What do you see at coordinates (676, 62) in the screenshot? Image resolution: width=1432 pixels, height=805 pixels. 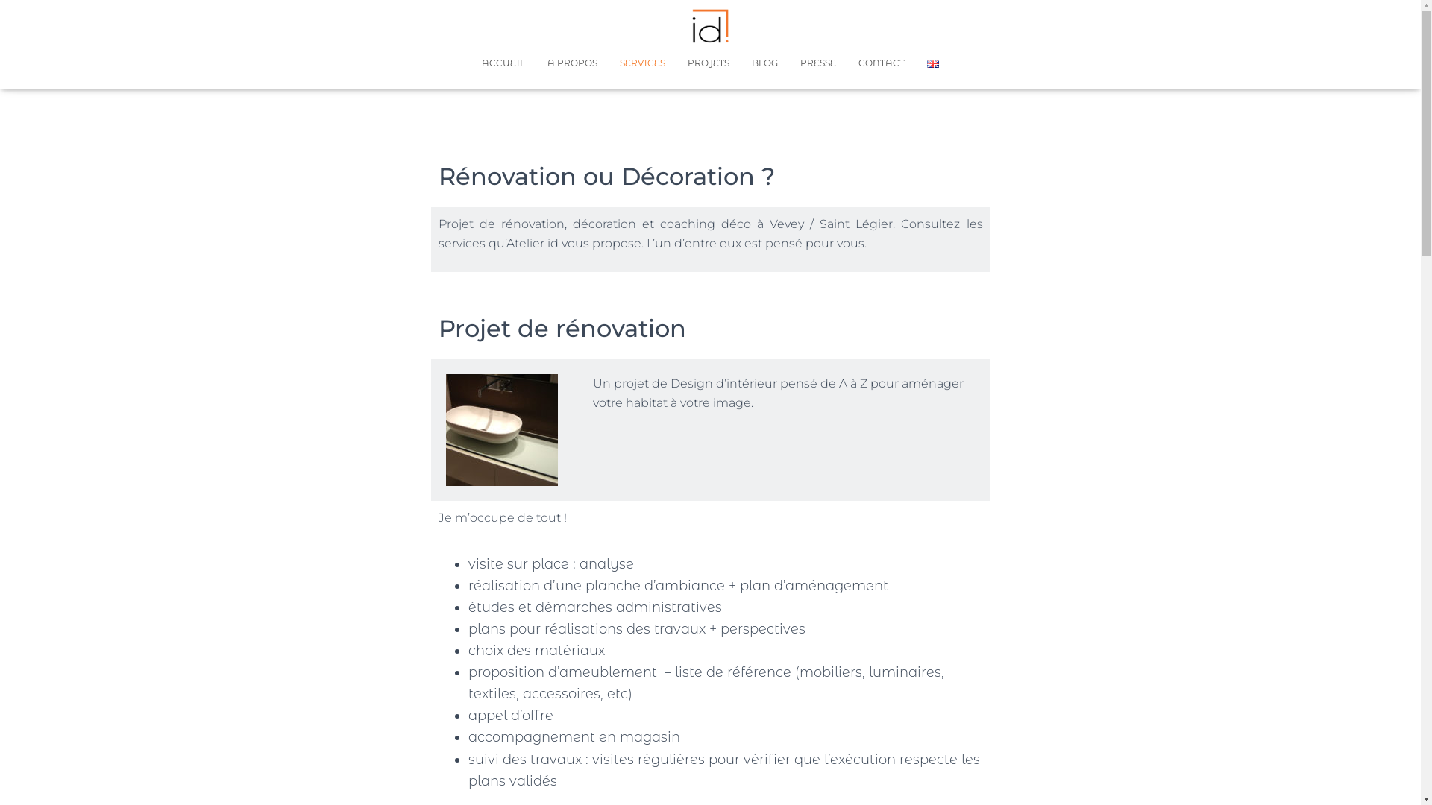 I see `'PROJETS'` at bounding box center [676, 62].